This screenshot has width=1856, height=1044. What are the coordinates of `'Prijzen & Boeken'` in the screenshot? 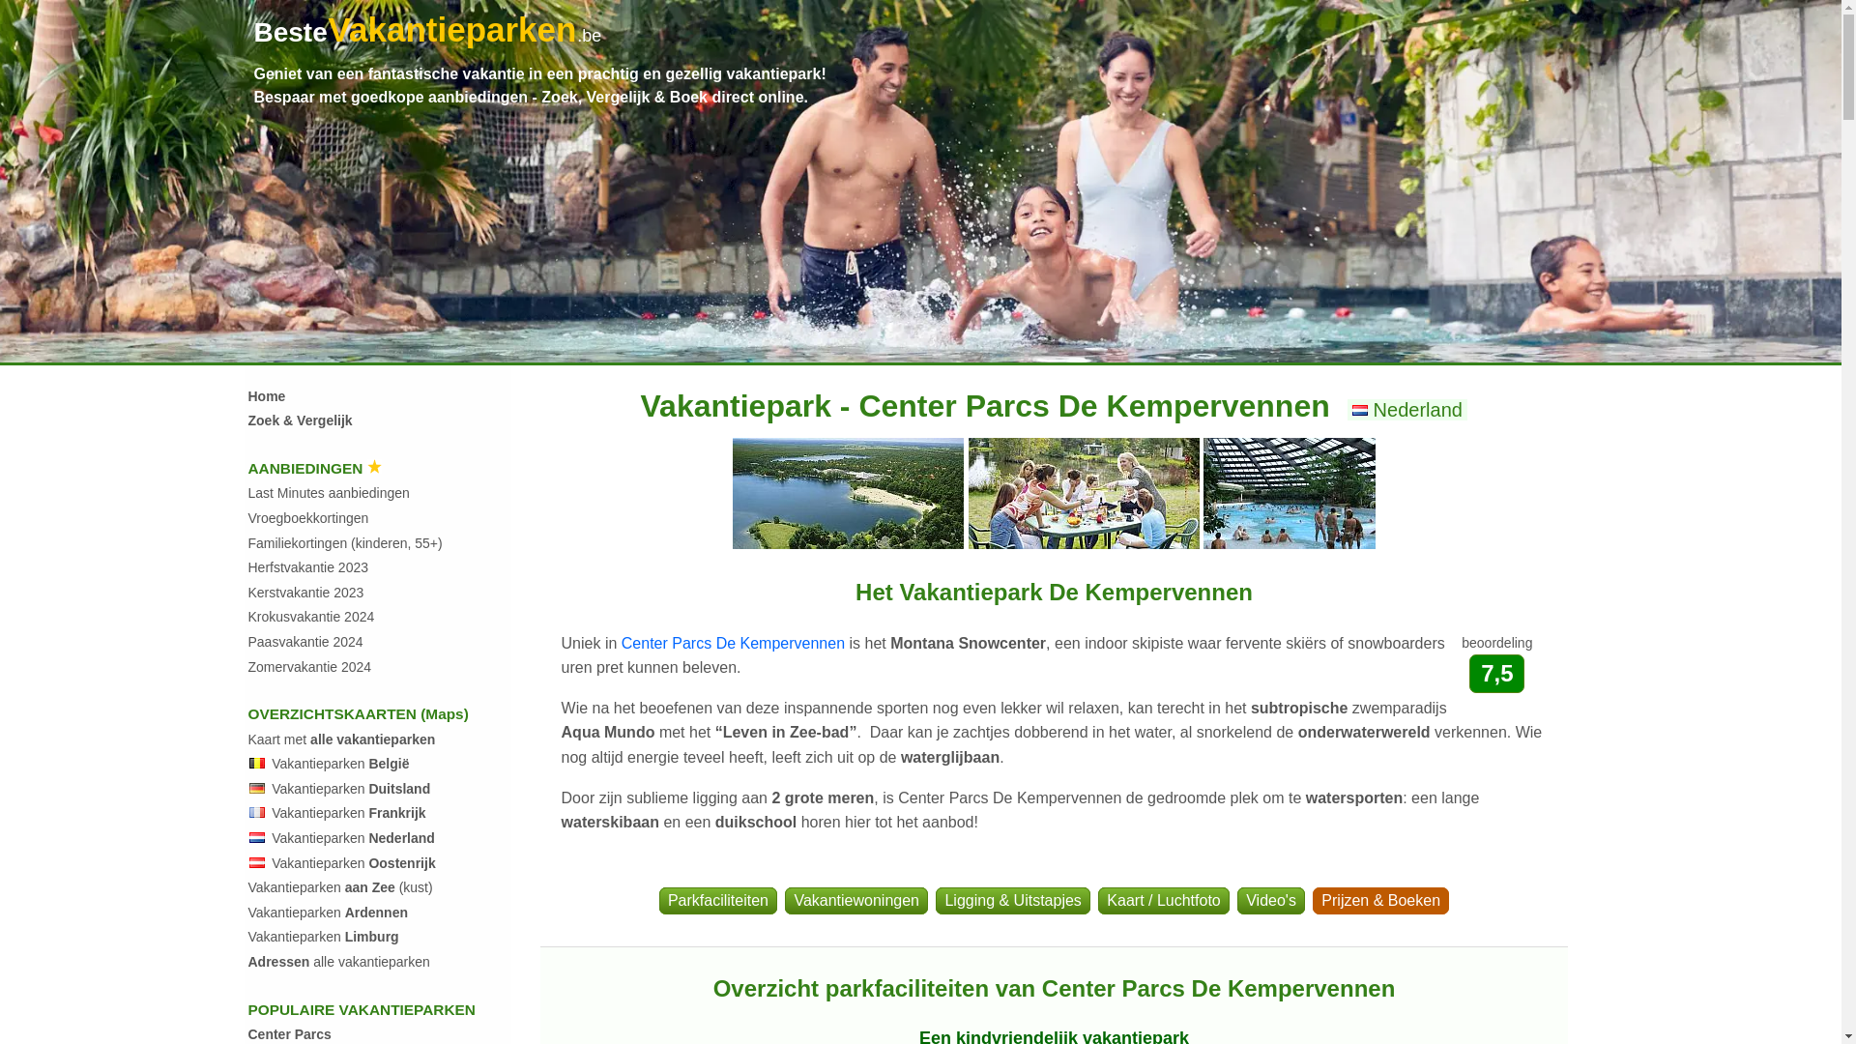 It's located at (1379, 901).